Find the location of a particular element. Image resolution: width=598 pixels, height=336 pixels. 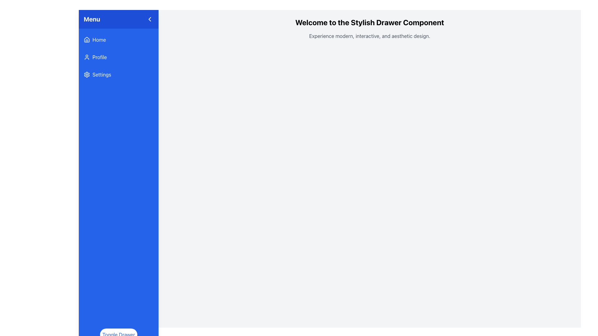

the settings button located as the last item in the vertical list under the 'Menu' title is located at coordinates (118, 74).